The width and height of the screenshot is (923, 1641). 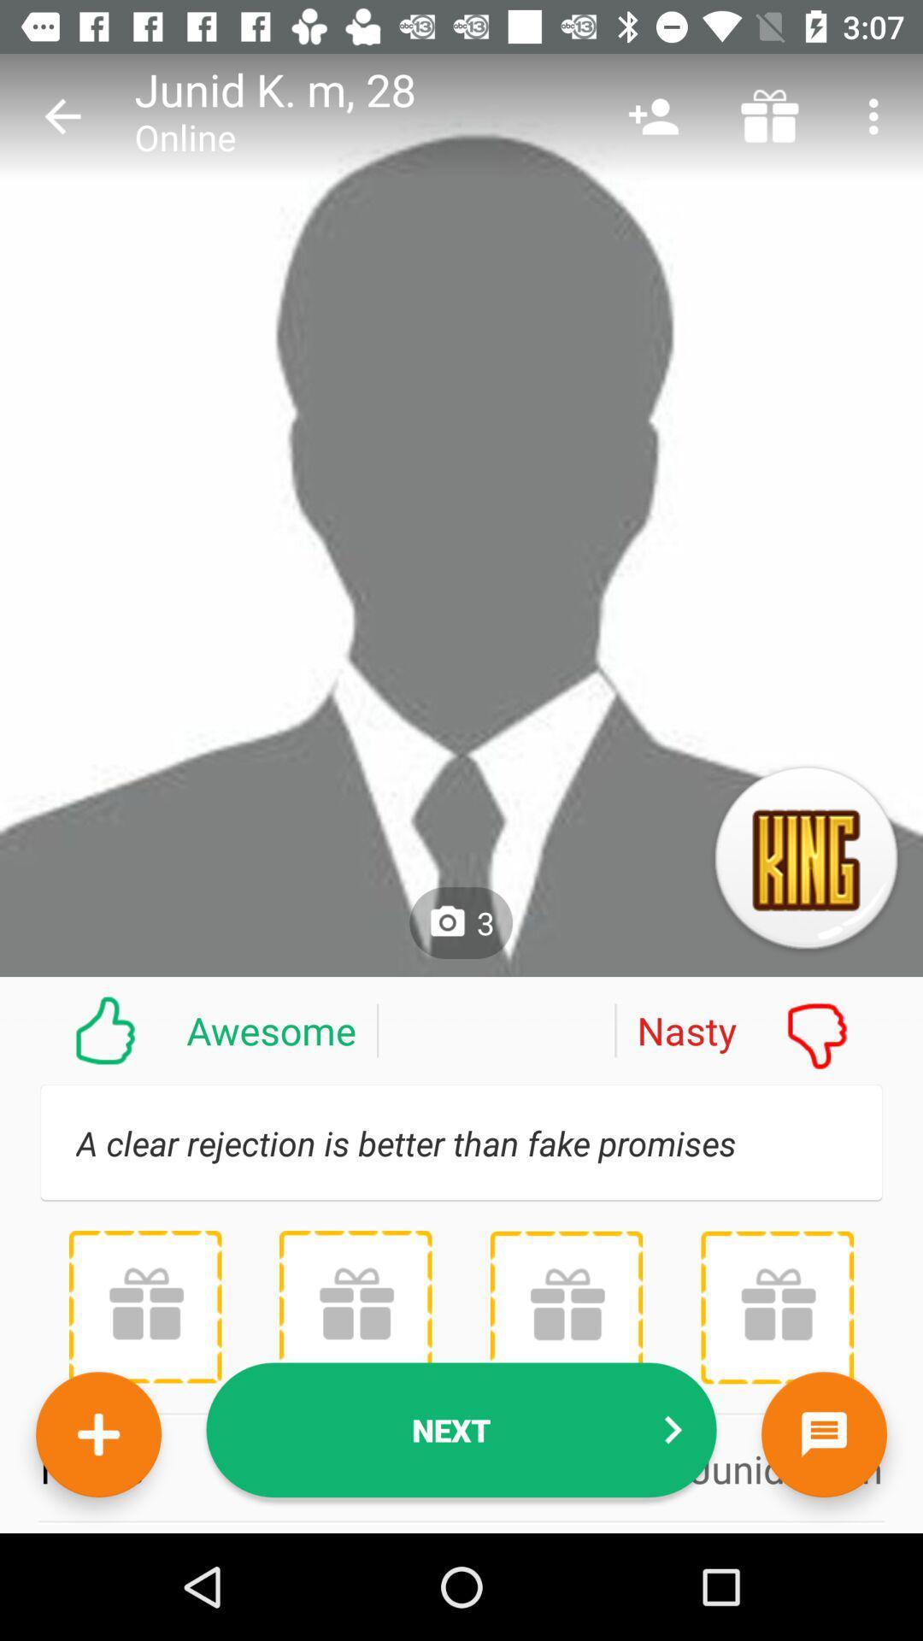 What do you see at coordinates (62, 115) in the screenshot?
I see `item next to junid k.` at bounding box center [62, 115].